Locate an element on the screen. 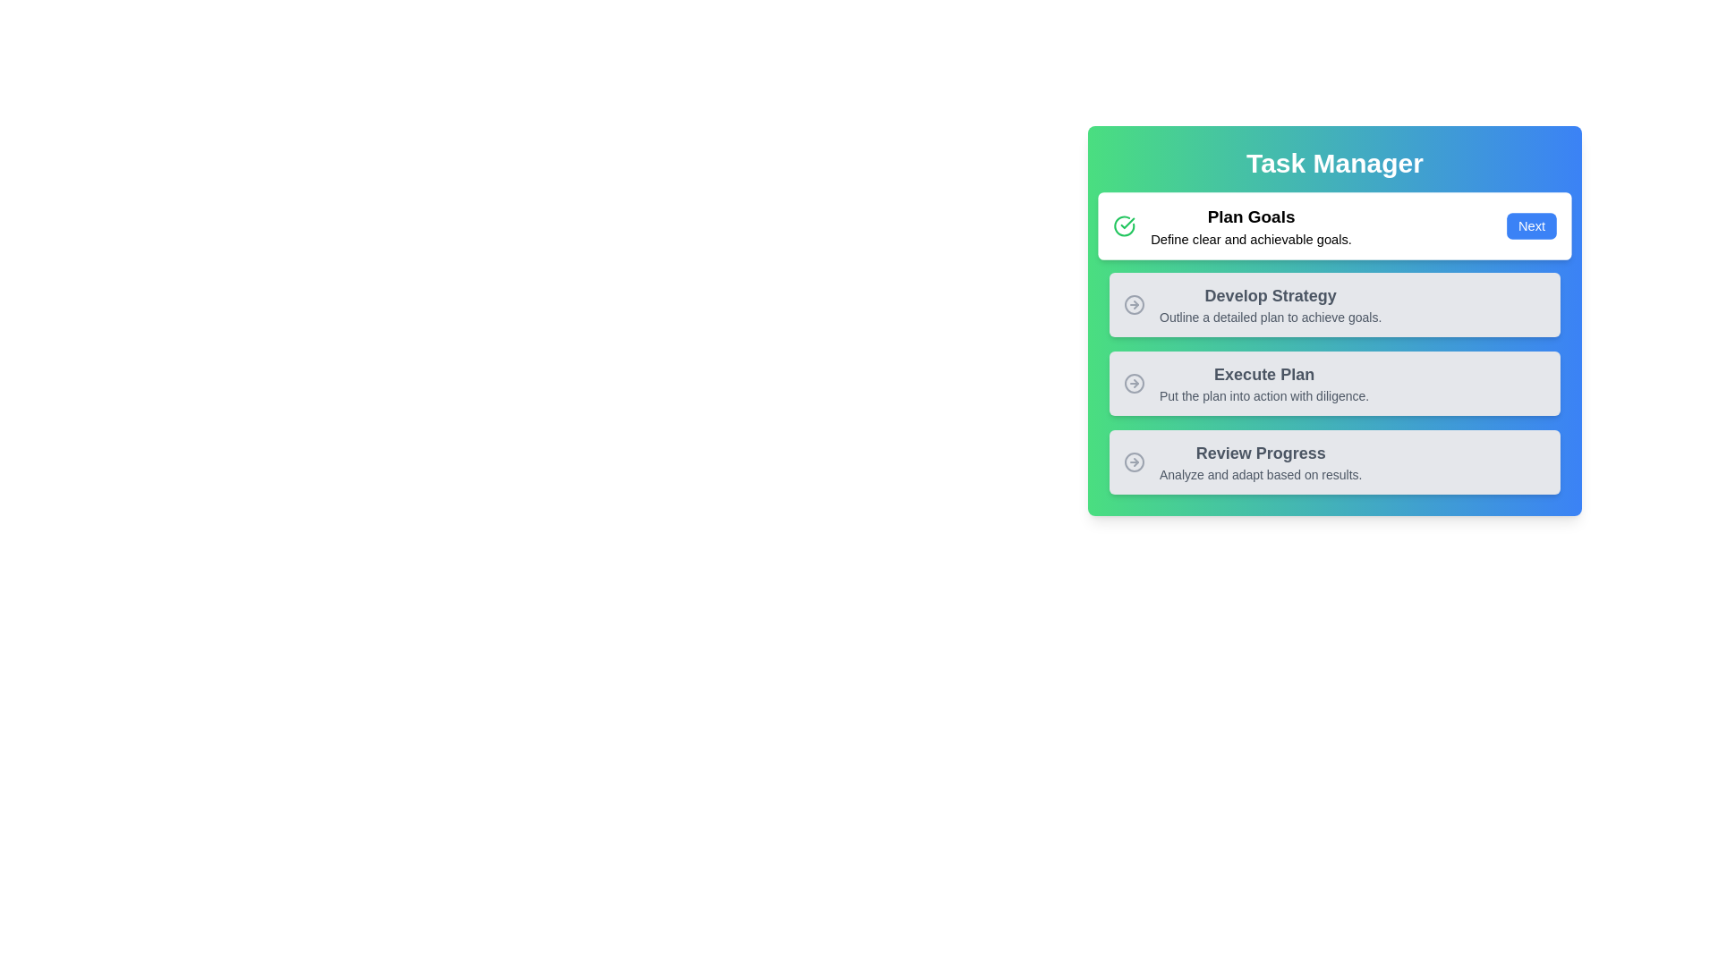 This screenshot has width=1718, height=966. the non-interactive text label displaying 'Review Progress', which is styled in bold typography and located within the fourth task of a vertical list of tasks is located at coordinates (1260, 452).